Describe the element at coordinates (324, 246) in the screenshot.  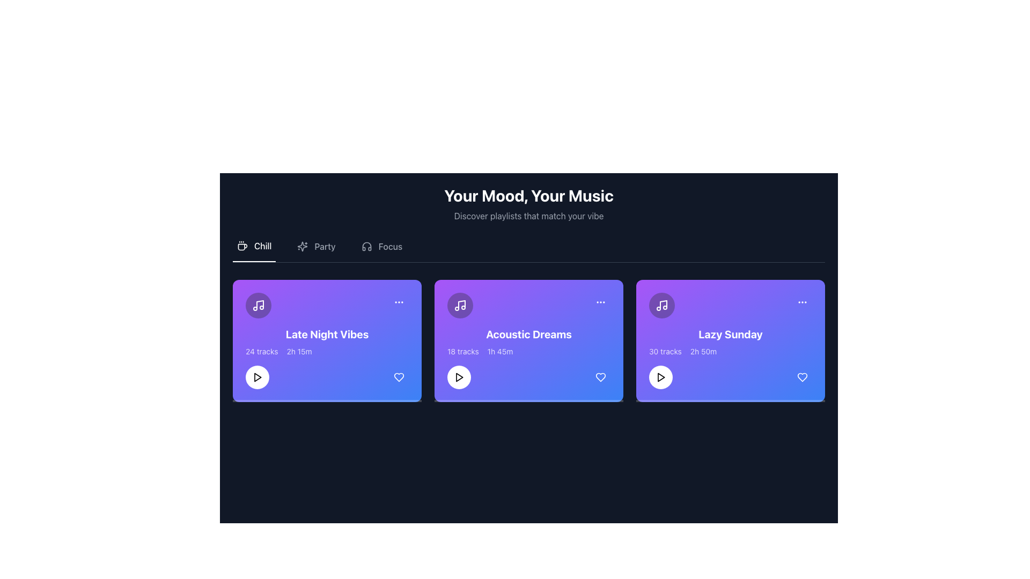
I see `the 'Party' text label in the top navigation menu, which is positioned between the 'Chill' and 'Focus' items` at that location.